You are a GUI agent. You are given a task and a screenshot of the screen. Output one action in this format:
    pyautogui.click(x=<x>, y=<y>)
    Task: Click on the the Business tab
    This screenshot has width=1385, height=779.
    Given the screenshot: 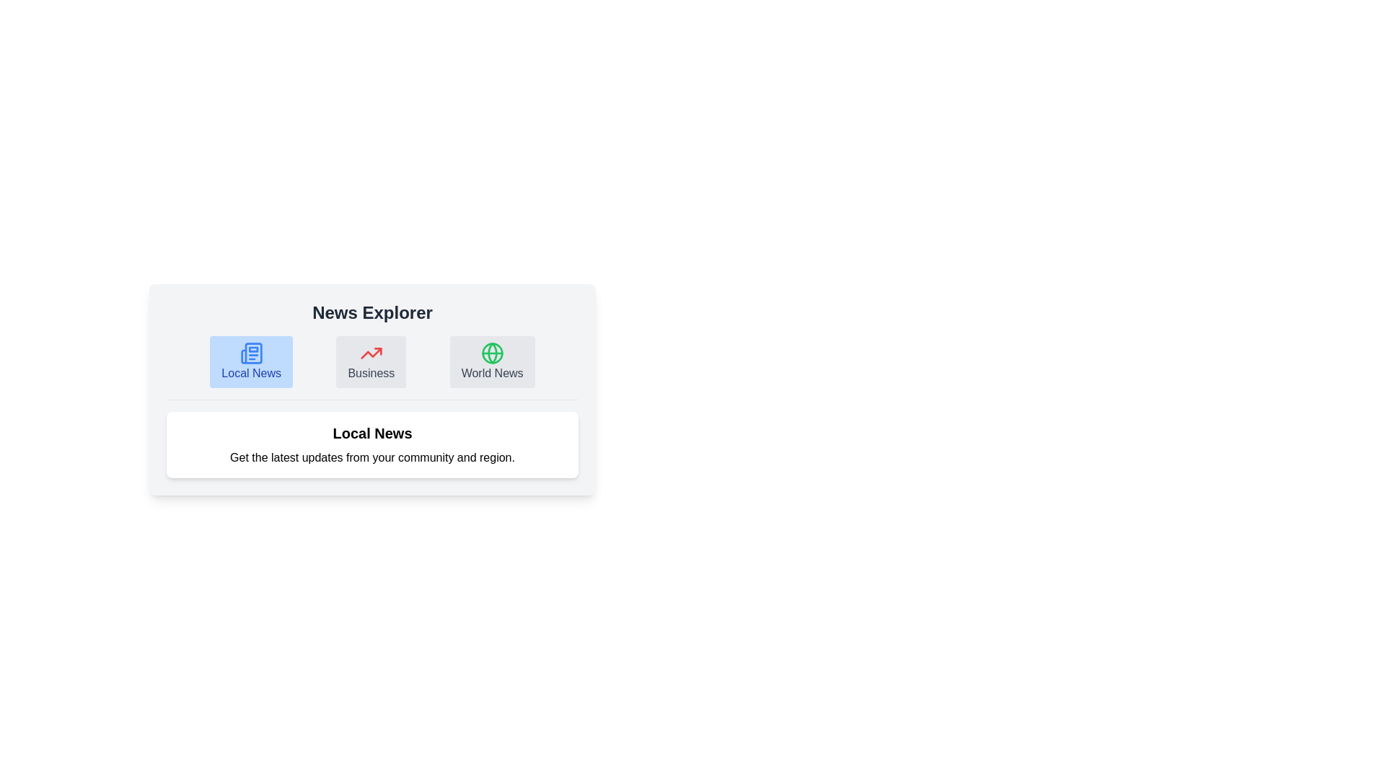 What is the action you would take?
    pyautogui.click(x=371, y=361)
    